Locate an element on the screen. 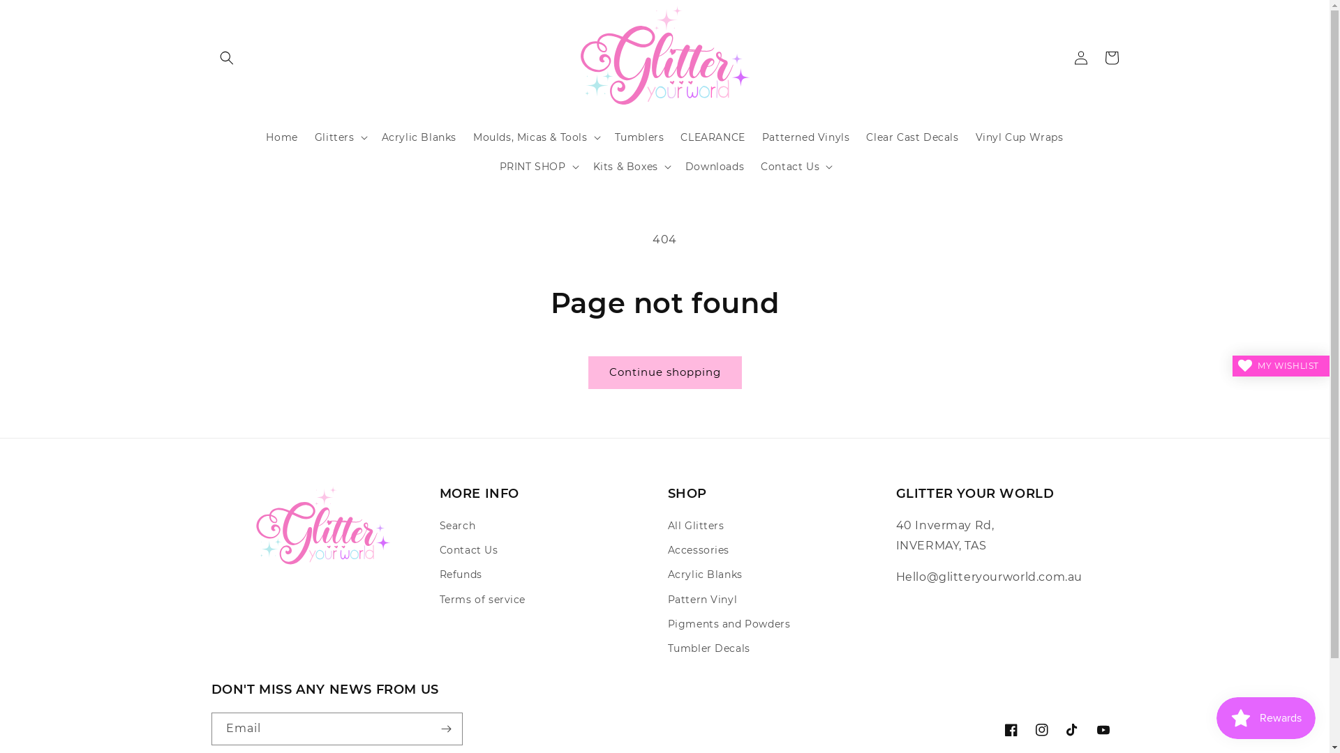 This screenshot has width=1340, height=753. 'Facebook' is located at coordinates (994, 729).